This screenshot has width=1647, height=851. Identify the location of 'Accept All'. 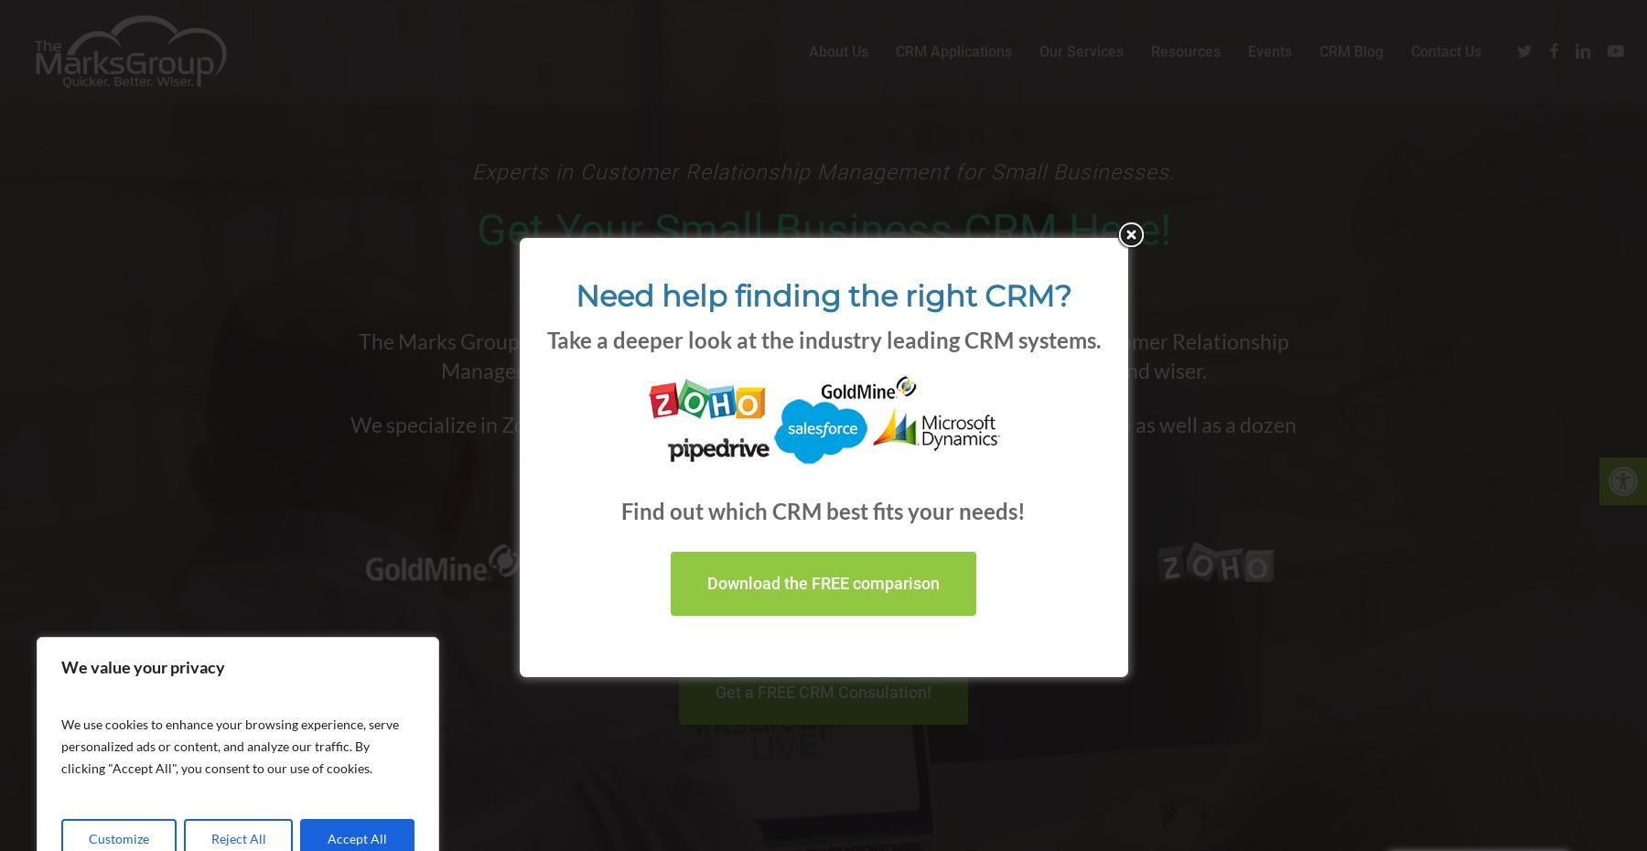
(357, 838).